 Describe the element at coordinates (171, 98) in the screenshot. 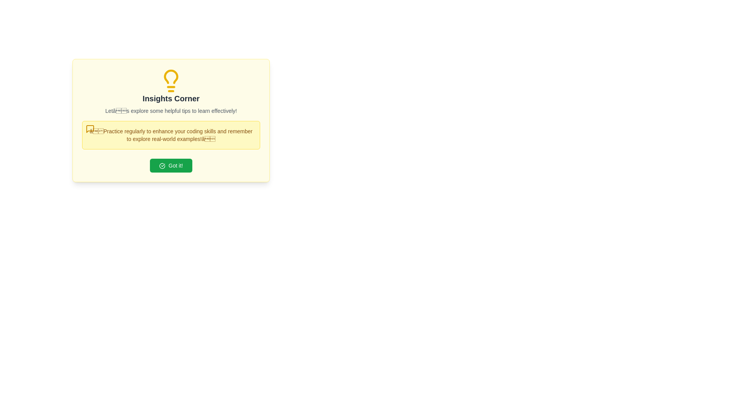

I see `the 'Insights Corner' label, which is a bold, large dark gray text element located below a lightbulb icon and above a smaller text paragraph` at that location.